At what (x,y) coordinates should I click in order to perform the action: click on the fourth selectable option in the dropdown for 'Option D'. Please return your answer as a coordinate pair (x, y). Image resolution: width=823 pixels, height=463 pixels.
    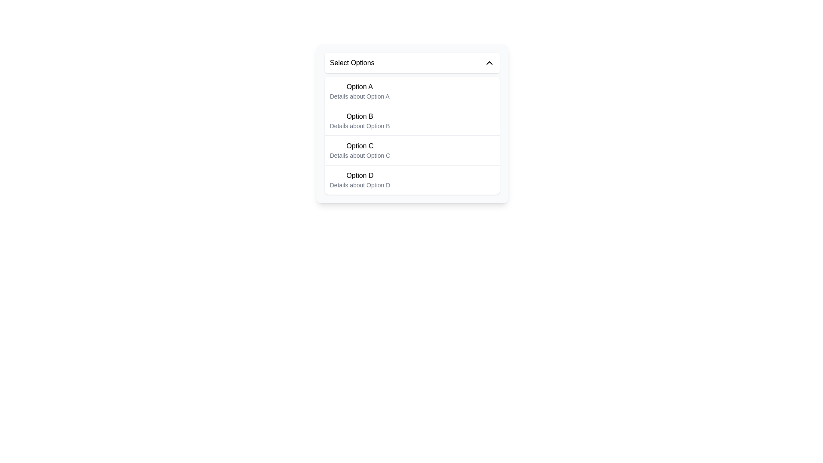
    Looking at the image, I should click on (412, 179).